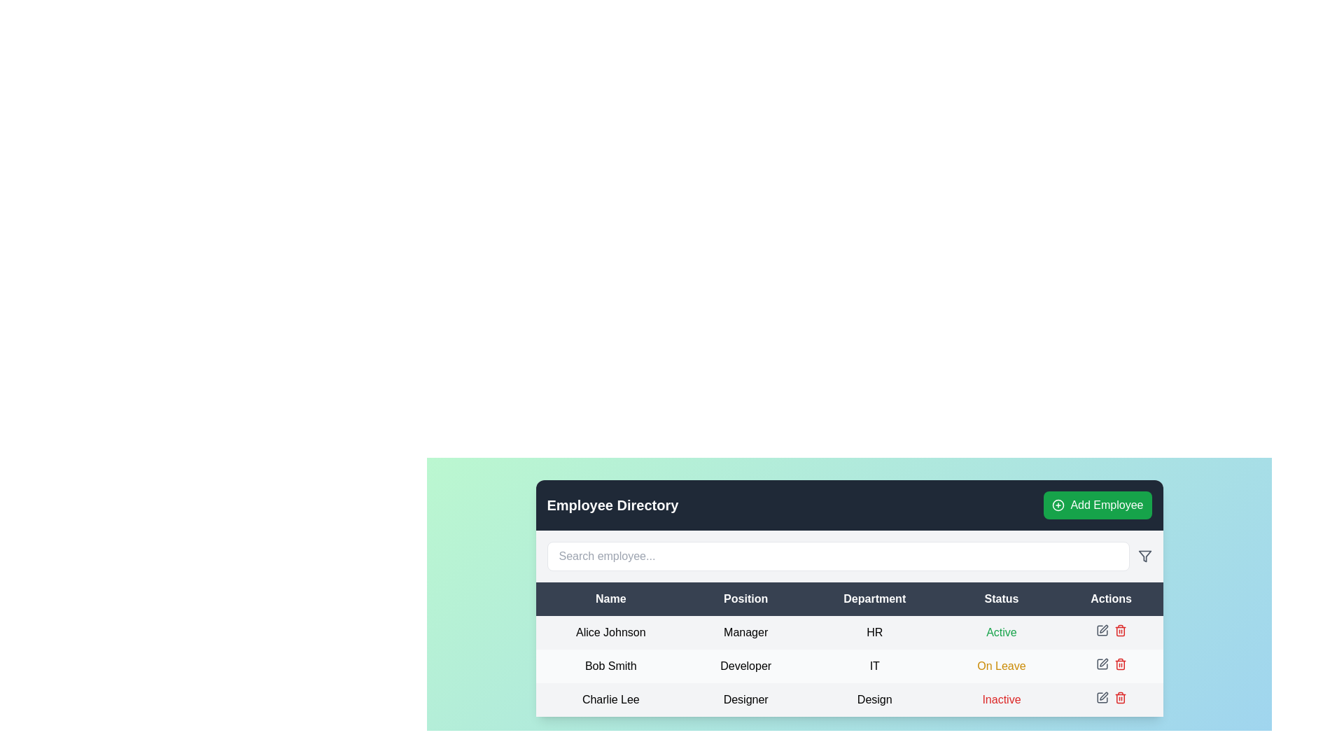  I want to click on the second row of the employee directory table containing 'Bob Smith', 'Developer', 'IT', and 'On Leave' status, so click(848, 666).